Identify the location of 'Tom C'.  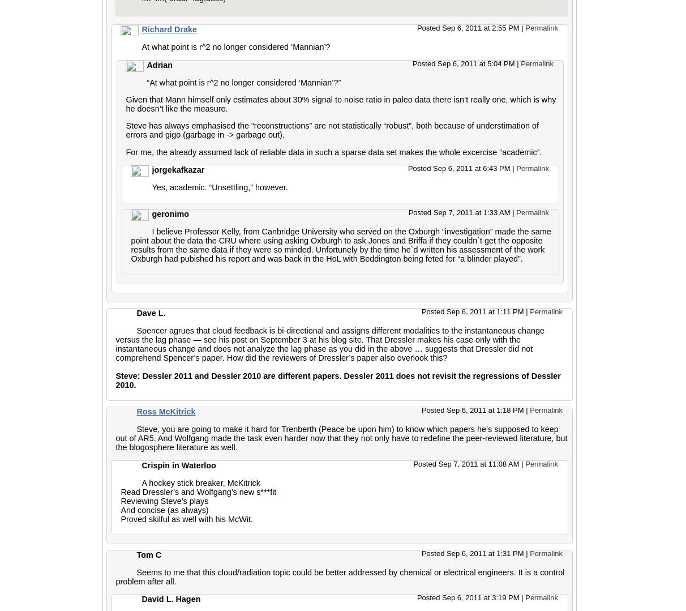
(149, 554).